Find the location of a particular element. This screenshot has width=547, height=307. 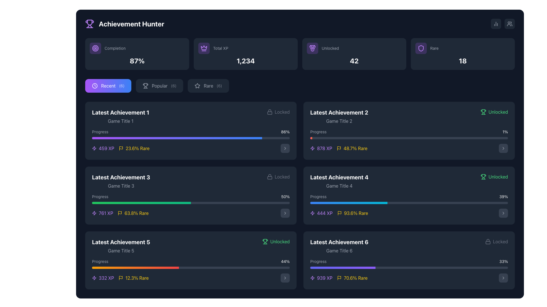

the lightning bolt-shaped icon in vibrant purple color located to the left of the text '761 XP' within the 'Latest Achievement 3' card on the achievement dashboard is located at coordinates (94, 213).